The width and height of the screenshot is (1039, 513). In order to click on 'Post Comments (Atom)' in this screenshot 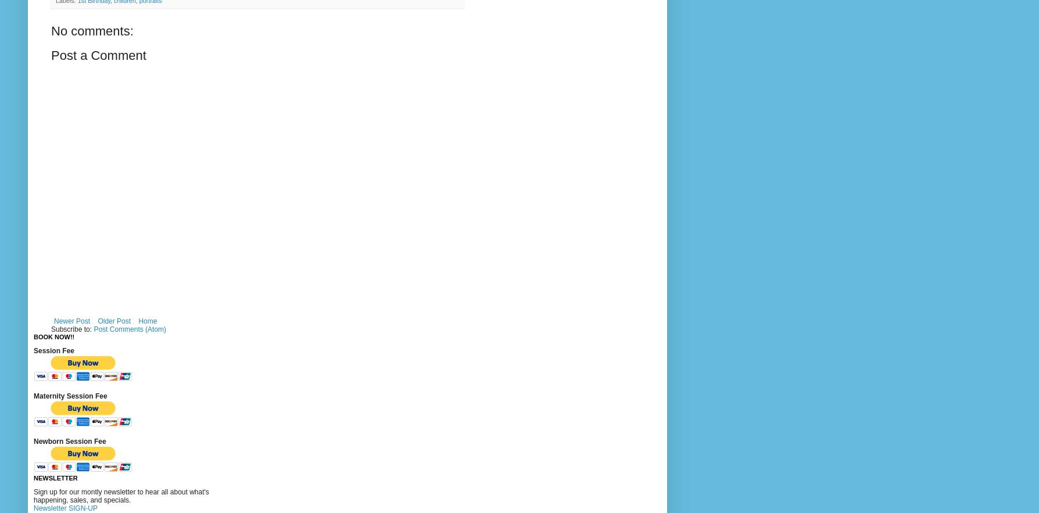, I will do `click(93, 329)`.